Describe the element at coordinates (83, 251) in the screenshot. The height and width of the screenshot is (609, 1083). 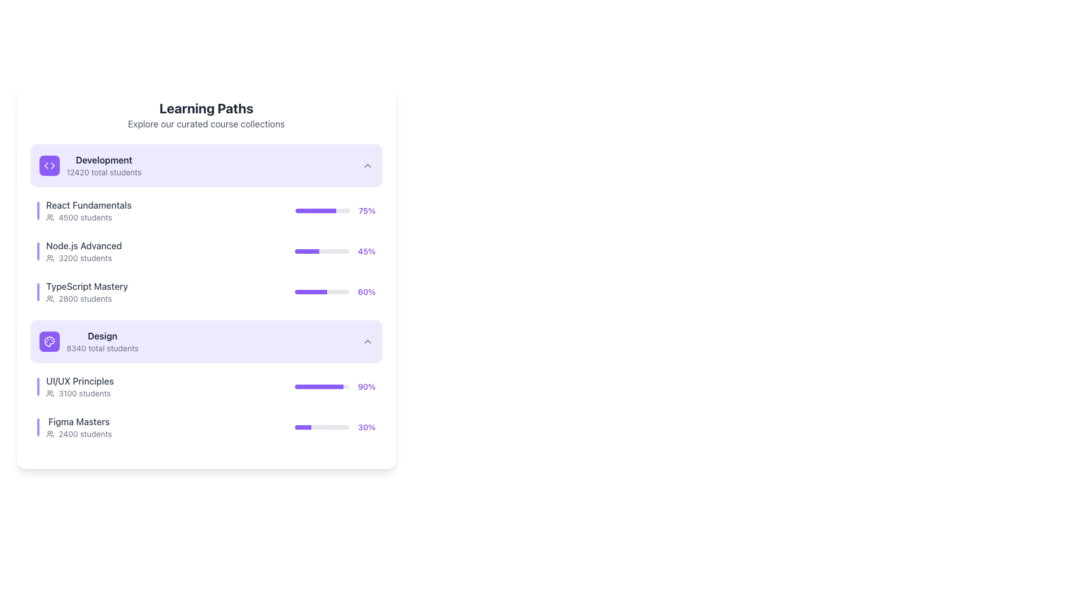
I see `student count for the 'Node.js Advanced' course, which shows '3200 students' next to the course title in the Development section of the Learning Paths menu` at that location.